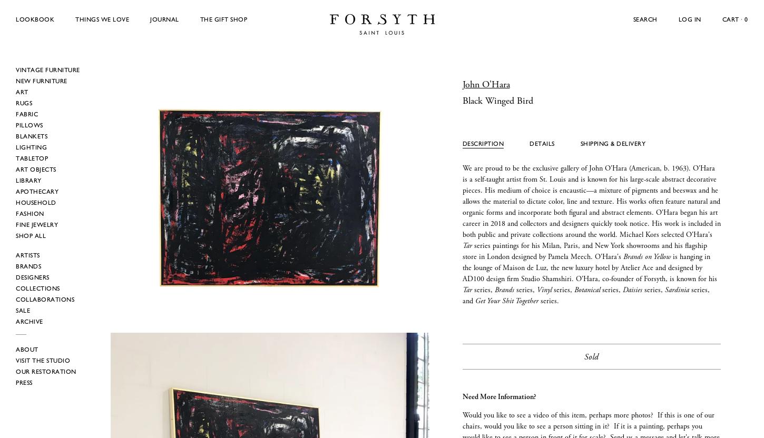 The width and height of the screenshot is (764, 438). What do you see at coordinates (503, 290) in the screenshot?
I see `'Brands'` at bounding box center [503, 290].